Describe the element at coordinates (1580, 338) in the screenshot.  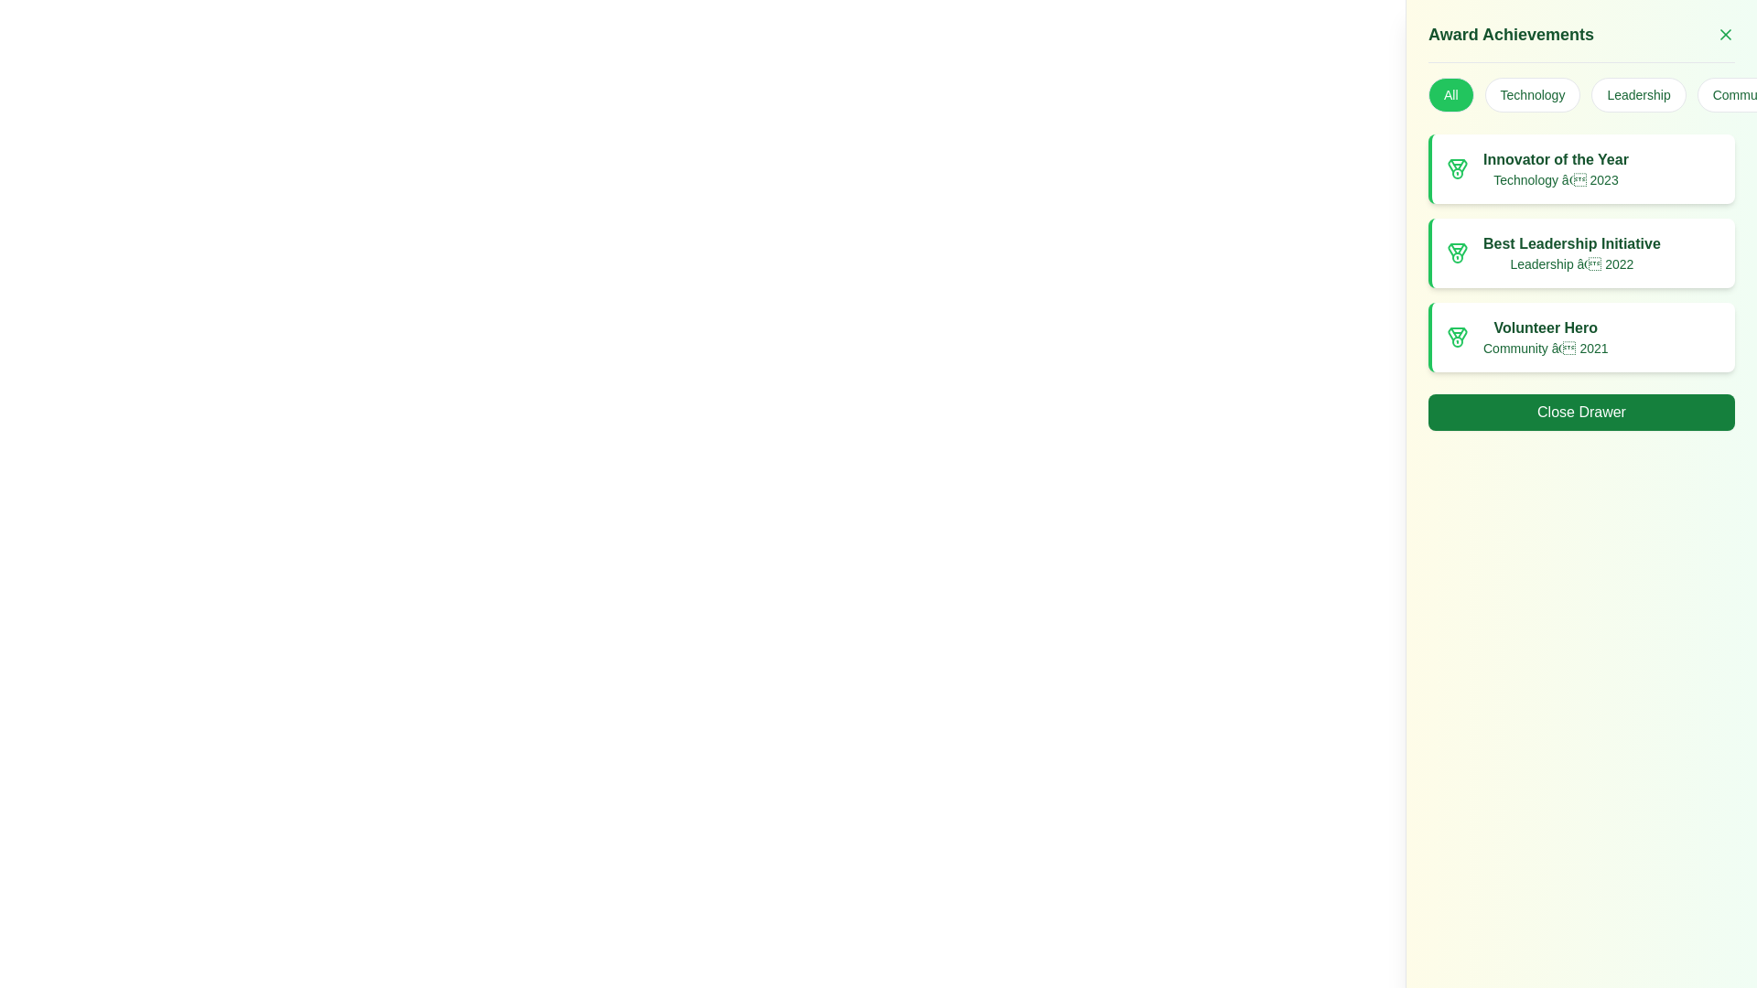
I see `the third list item showcasing the 'Volunteer Hero' award in the right-side drawer panel` at that location.